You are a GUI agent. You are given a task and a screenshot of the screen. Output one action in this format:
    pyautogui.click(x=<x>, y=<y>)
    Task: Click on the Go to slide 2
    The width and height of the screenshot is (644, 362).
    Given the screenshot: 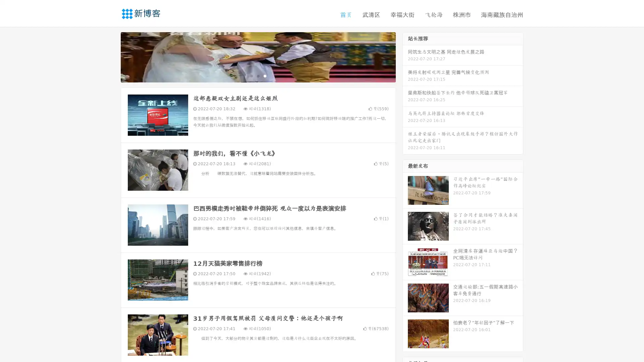 What is the action you would take?
    pyautogui.click(x=258, y=75)
    